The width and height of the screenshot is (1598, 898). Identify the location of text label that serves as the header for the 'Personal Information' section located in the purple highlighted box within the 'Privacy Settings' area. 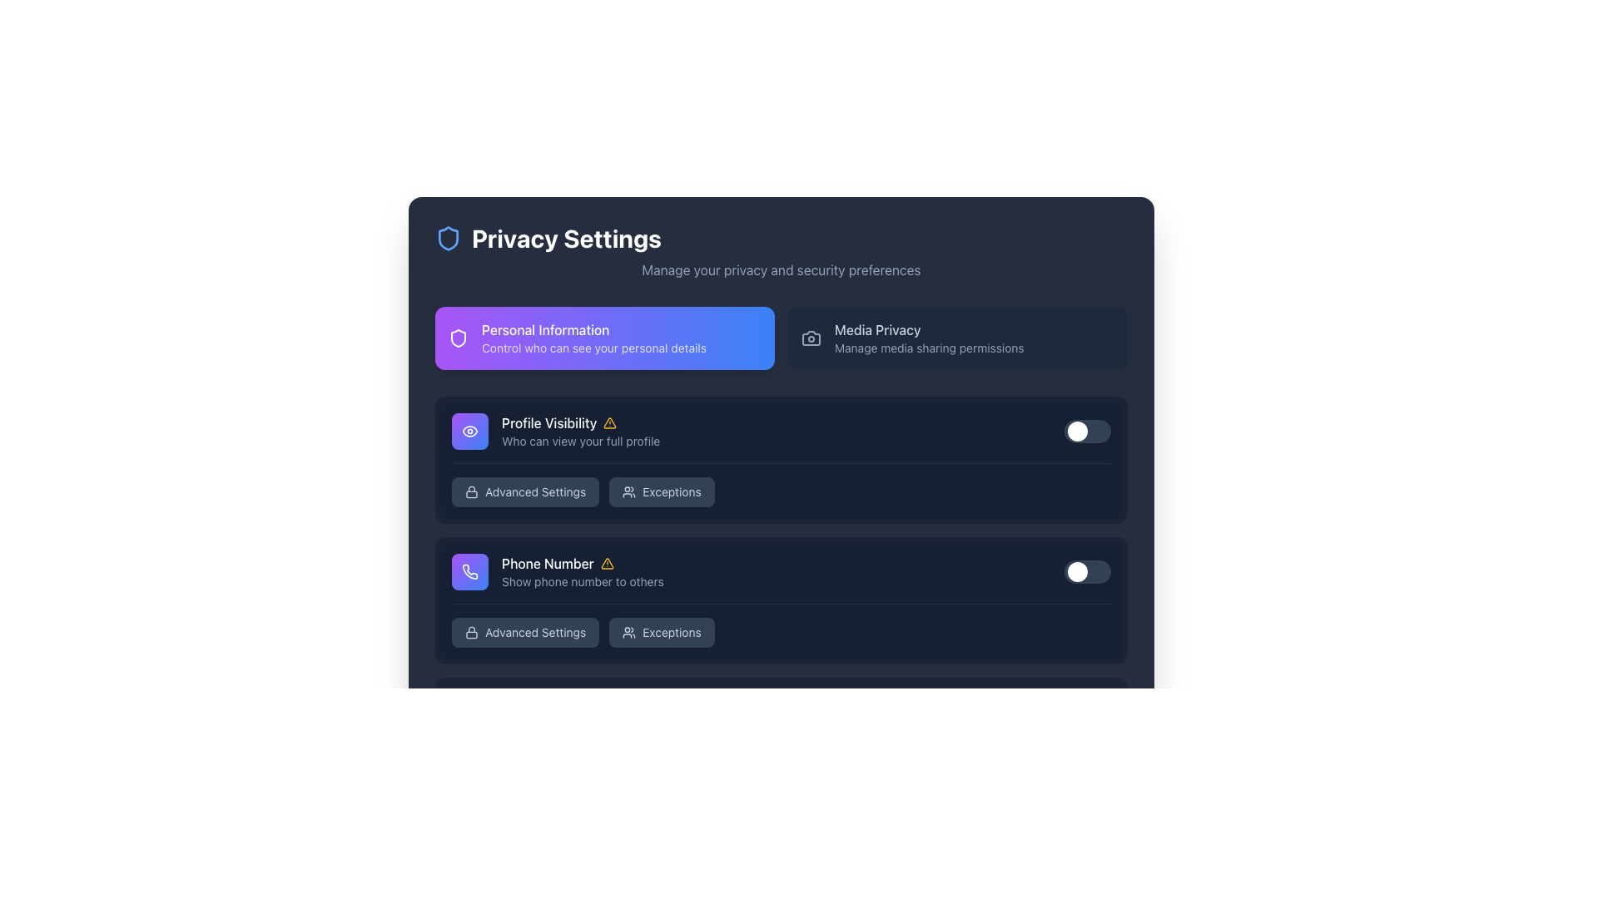
(594, 330).